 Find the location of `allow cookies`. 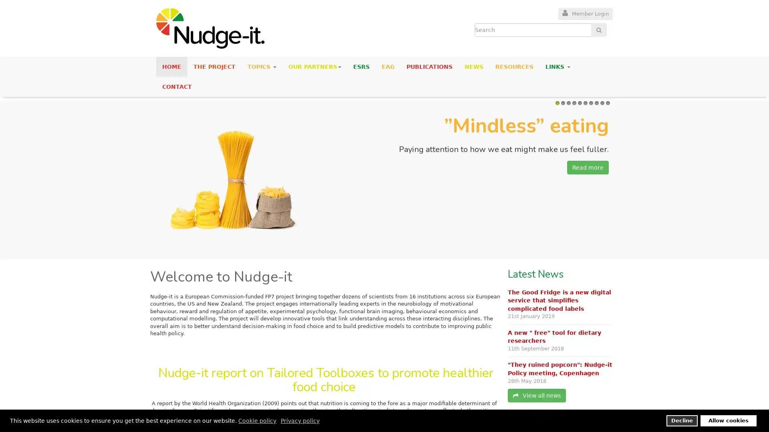

allow cookies is located at coordinates (728, 420).